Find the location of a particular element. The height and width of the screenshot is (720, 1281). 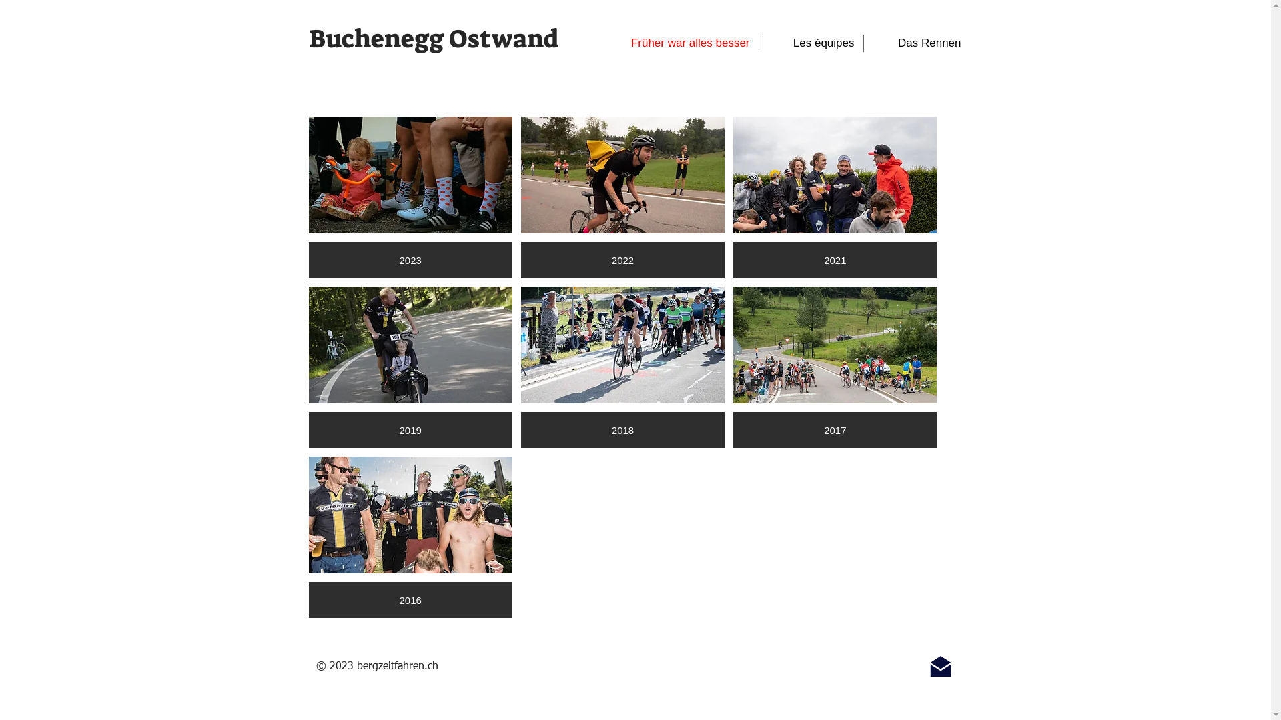

'2017' is located at coordinates (834, 367).